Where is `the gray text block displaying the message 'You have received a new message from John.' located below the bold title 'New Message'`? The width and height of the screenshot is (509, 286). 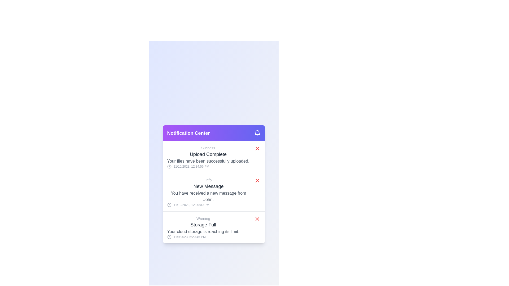 the gray text block displaying the message 'You have received a new message from John.' located below the bold title 'New Message' is located at coordinates (208, 196).